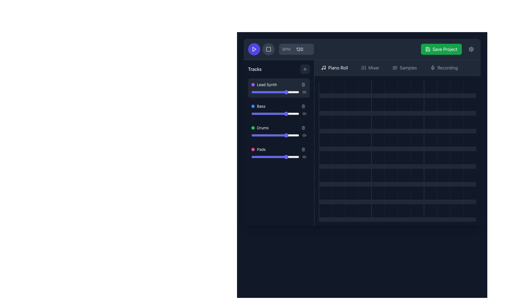  What do you see at coordinates (391, 122) in the screenshot?
I see `the 6th square block in the 3rd row of the grid-based interface within the main workspace` at bounding box center [391, 122].